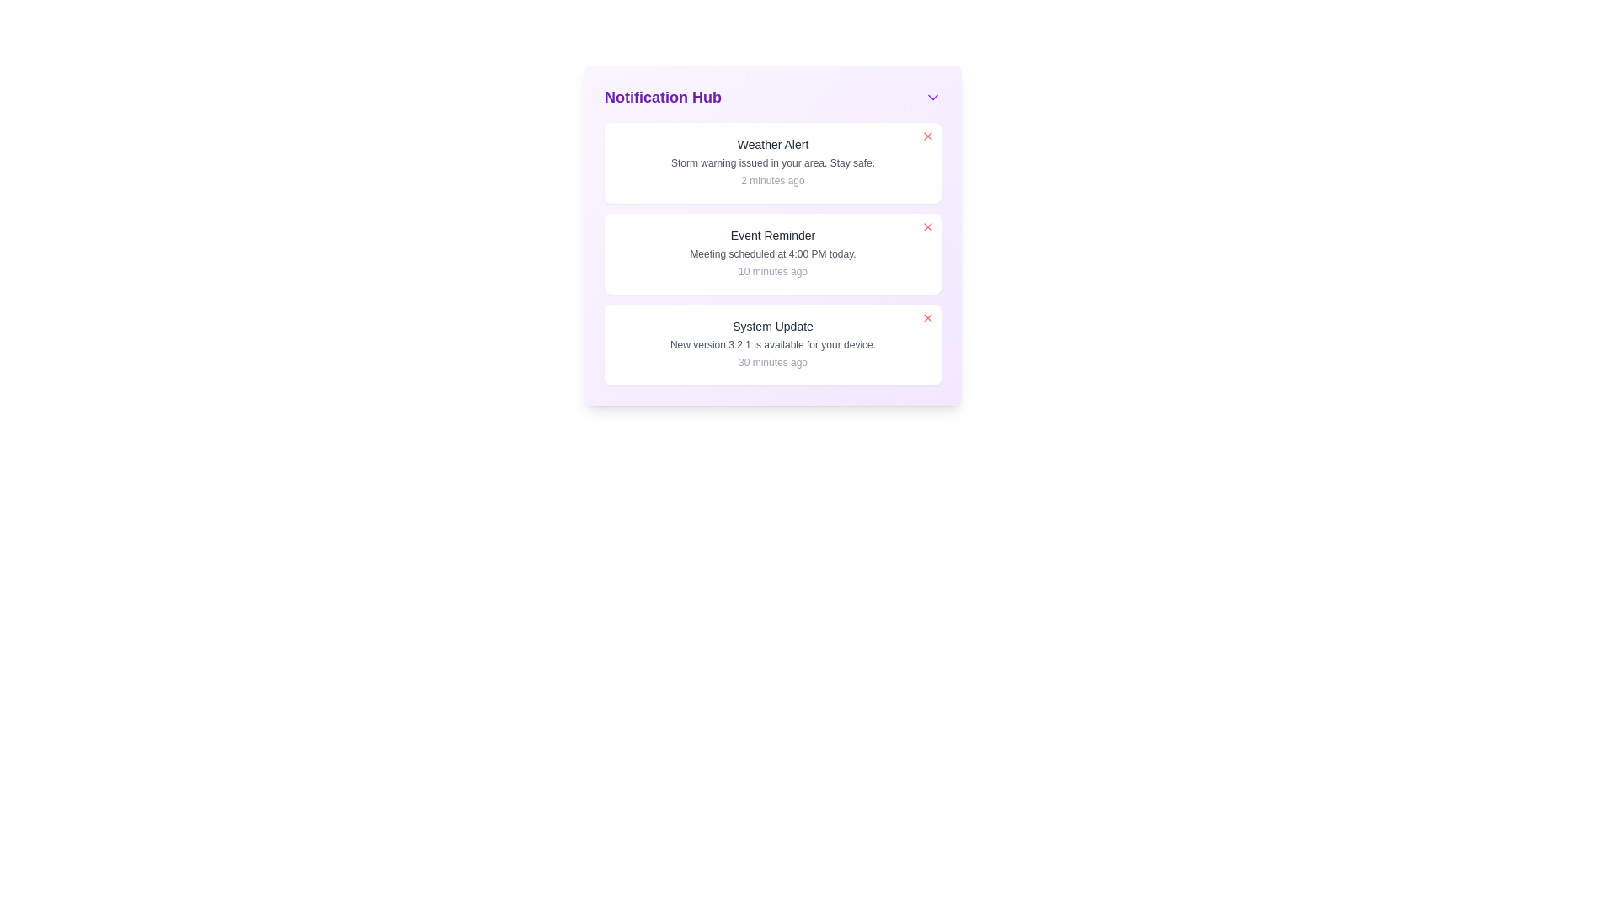 Image resolution: width=1617 pixels, height=909 pixels. Describe the element at coordinates (771, 144) in the screenshot. I see `the Text Label that serves as the title for the weather notification located at the top-left corner of the white notification box in the 'Notification Hub' section` at that location.